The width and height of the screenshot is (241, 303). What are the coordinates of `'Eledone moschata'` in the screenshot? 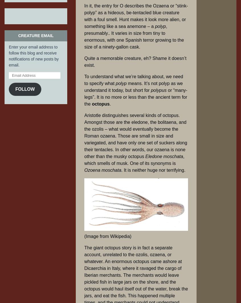 It's located at (164, 156).